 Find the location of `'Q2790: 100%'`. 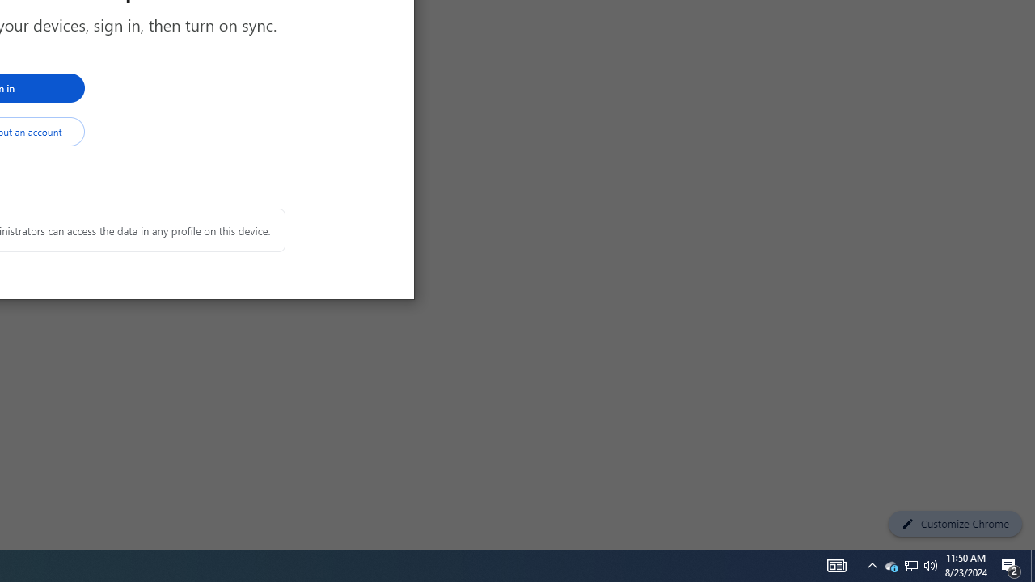

'Q2790: 100%' is located at coordinates (931, 564).